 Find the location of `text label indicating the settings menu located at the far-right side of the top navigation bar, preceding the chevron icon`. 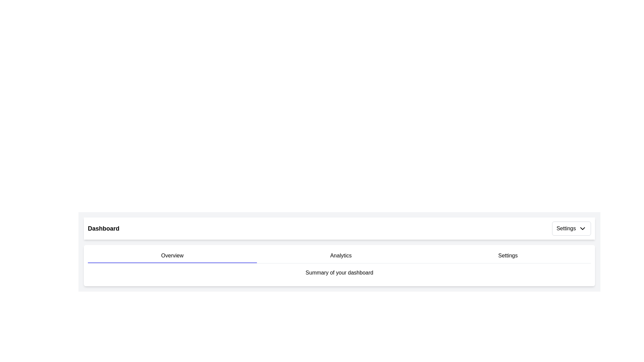

text label indicating the settings menu located at the far-right side of the top navigation bar, preceding the chevron icon is located at coordinates (566, 228).